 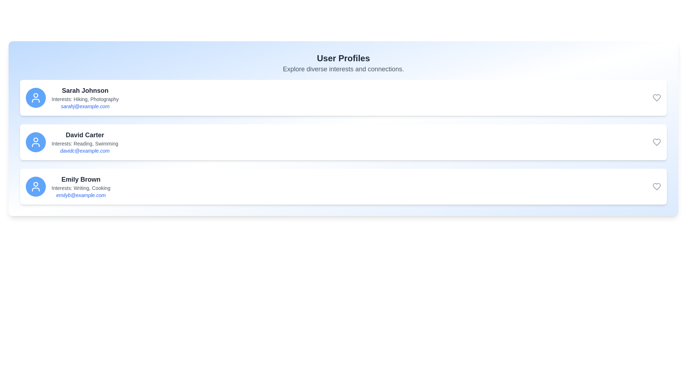 I want to click on heart icon to favorite the user David Carter, so click(x=657, y=142).